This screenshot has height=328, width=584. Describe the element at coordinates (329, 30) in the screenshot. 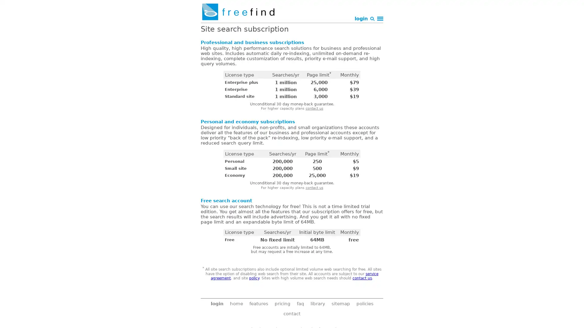

I see `Search` at that location.